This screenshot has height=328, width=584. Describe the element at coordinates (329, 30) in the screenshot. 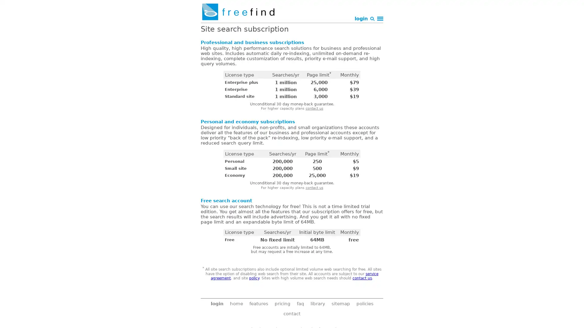

I see `Search` at that location.